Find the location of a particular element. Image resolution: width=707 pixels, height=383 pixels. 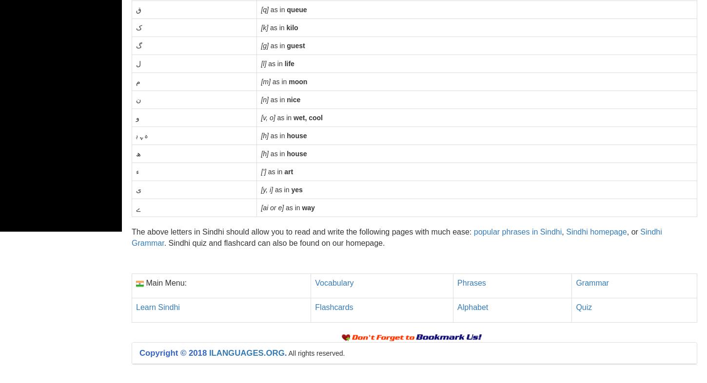

'[l]' is located at coordinates (263, 63).